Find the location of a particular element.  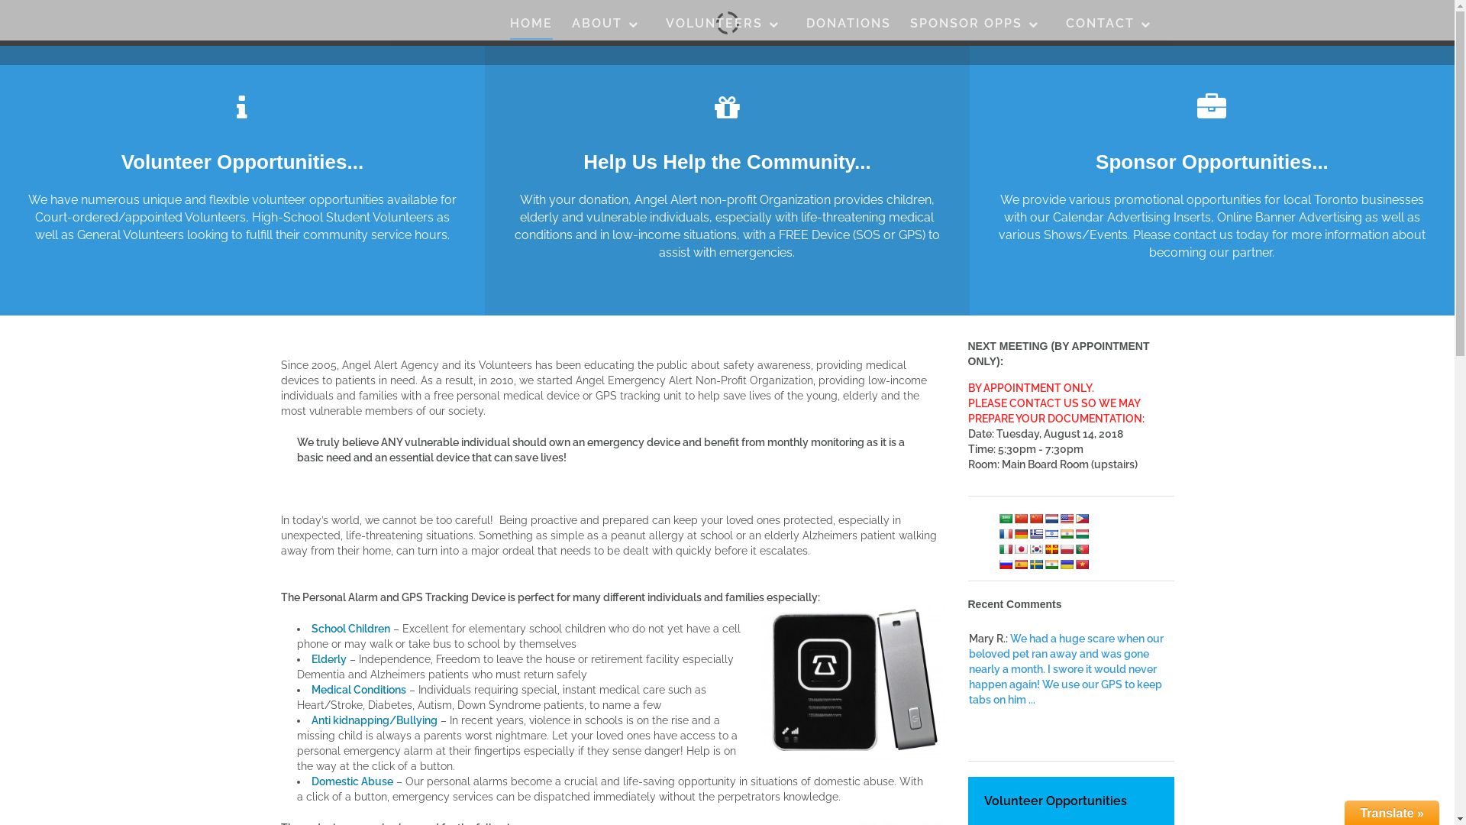

'Latin' is located at coordinates (1051, 547).